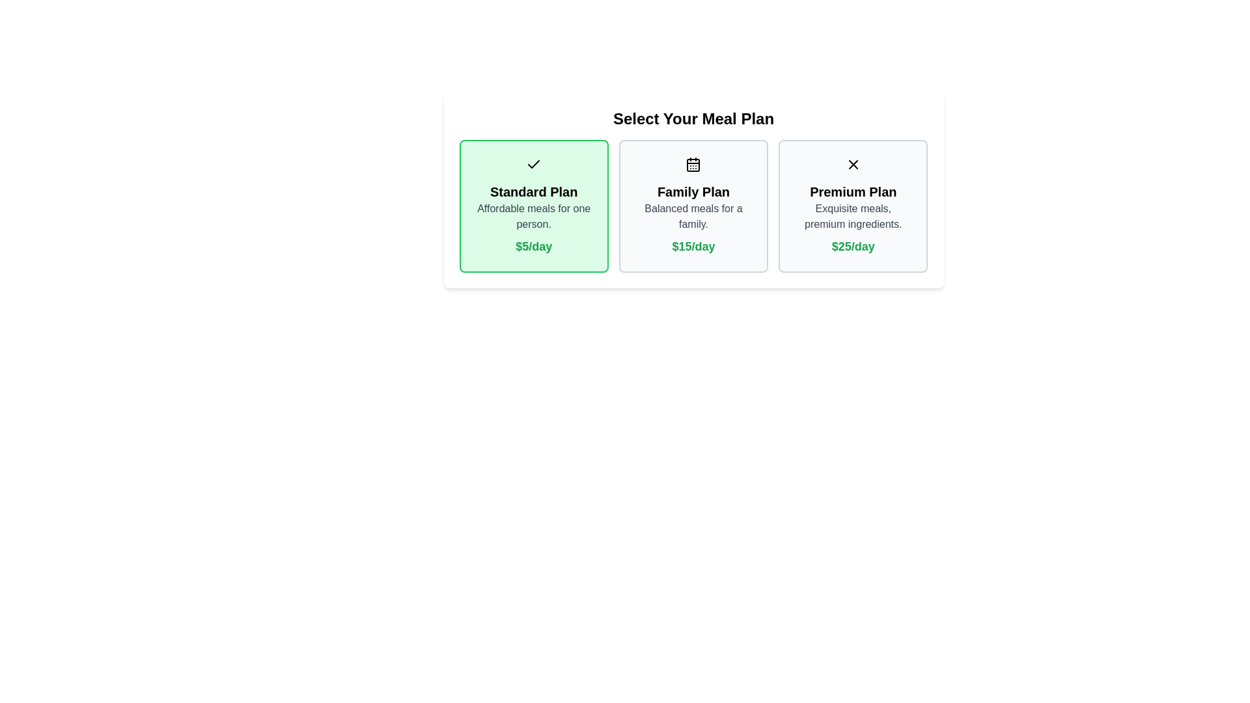  Describe the element at coordinates (853, 215) in the screenshot. I see `the descriptive text block that summarizes the features of the premium plan, located in the third column of meal plan cards, below the 'Premium Plan' heading and above the '$25/day' price text` at that location.